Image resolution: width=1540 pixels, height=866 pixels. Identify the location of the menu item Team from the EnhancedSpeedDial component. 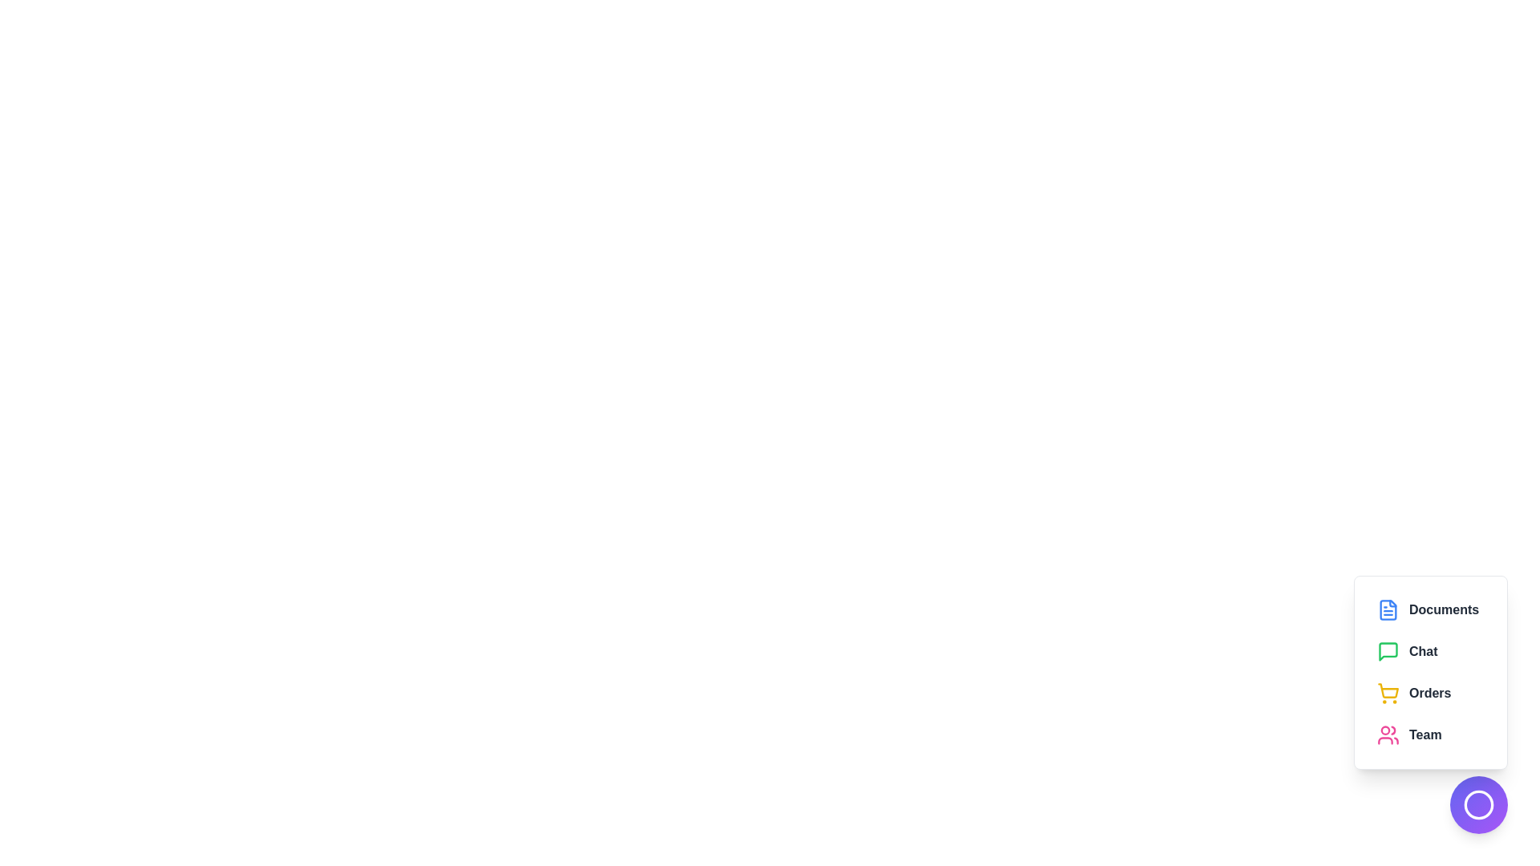
(1431, 735).